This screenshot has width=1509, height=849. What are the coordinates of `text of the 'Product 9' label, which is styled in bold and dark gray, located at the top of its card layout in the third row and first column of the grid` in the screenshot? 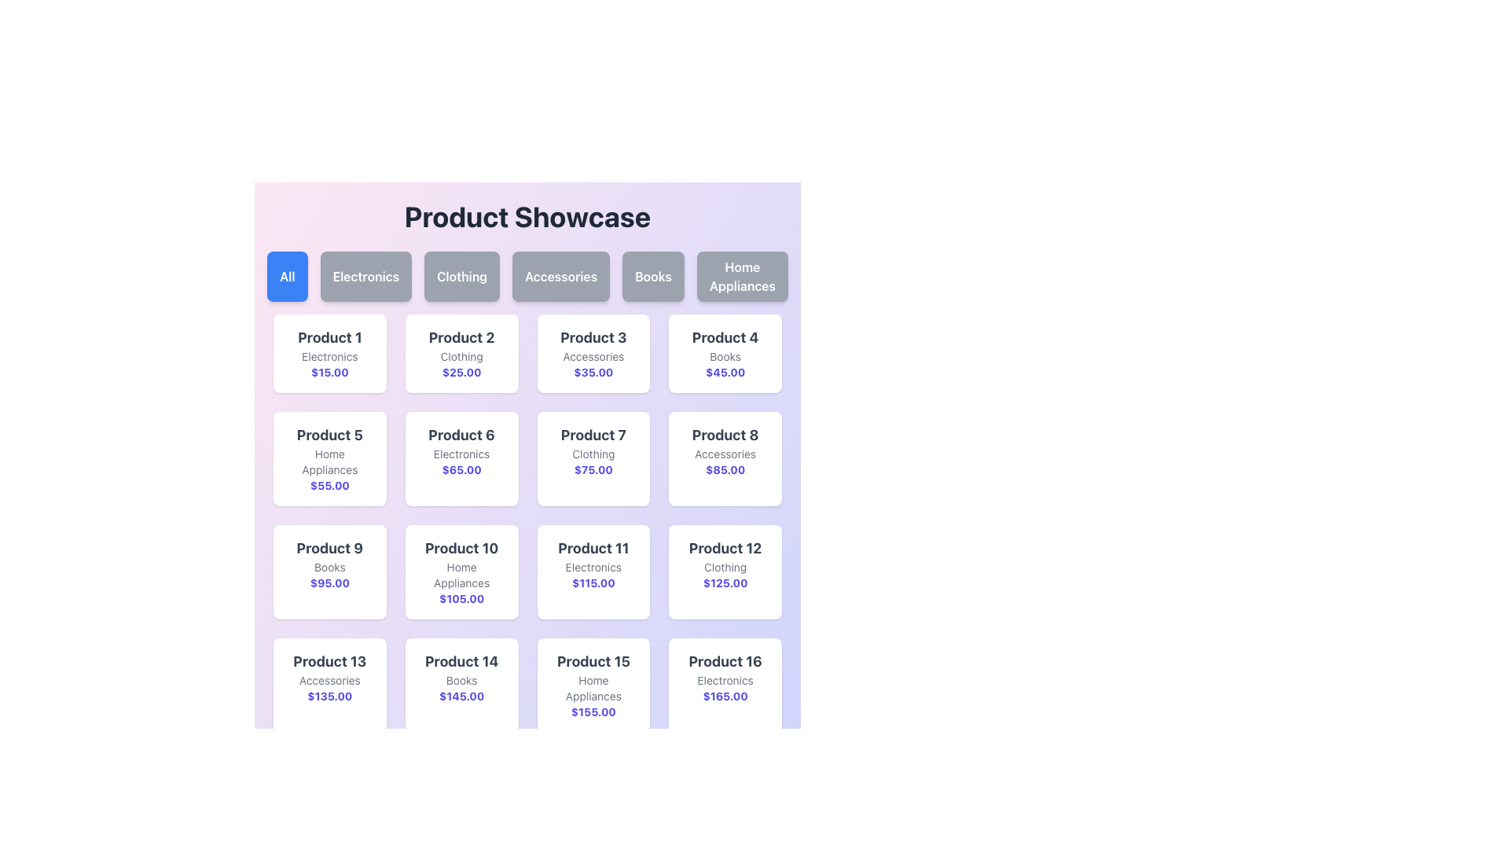 It's located at (329, 548).